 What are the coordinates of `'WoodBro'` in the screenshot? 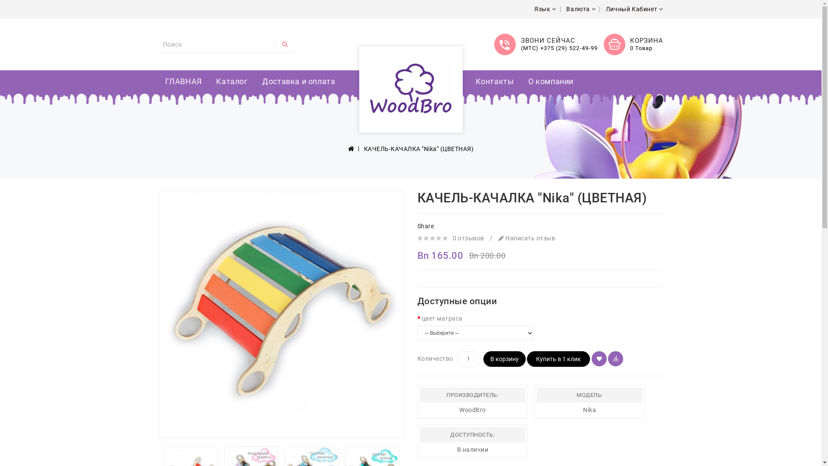 It's located at (410, 88).